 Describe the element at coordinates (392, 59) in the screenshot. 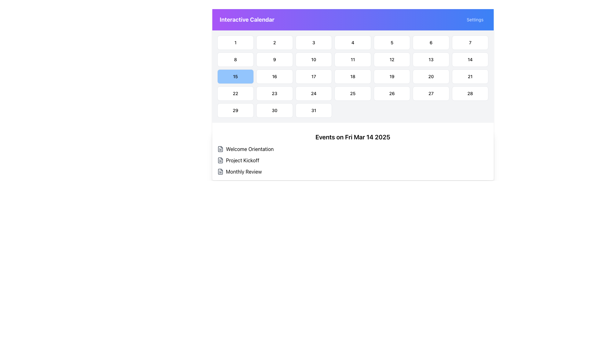

I see `the text value displayed in the Text Label showing the number '12', which is located in the fifth row and twelfth column of the calendar grid` at that location.